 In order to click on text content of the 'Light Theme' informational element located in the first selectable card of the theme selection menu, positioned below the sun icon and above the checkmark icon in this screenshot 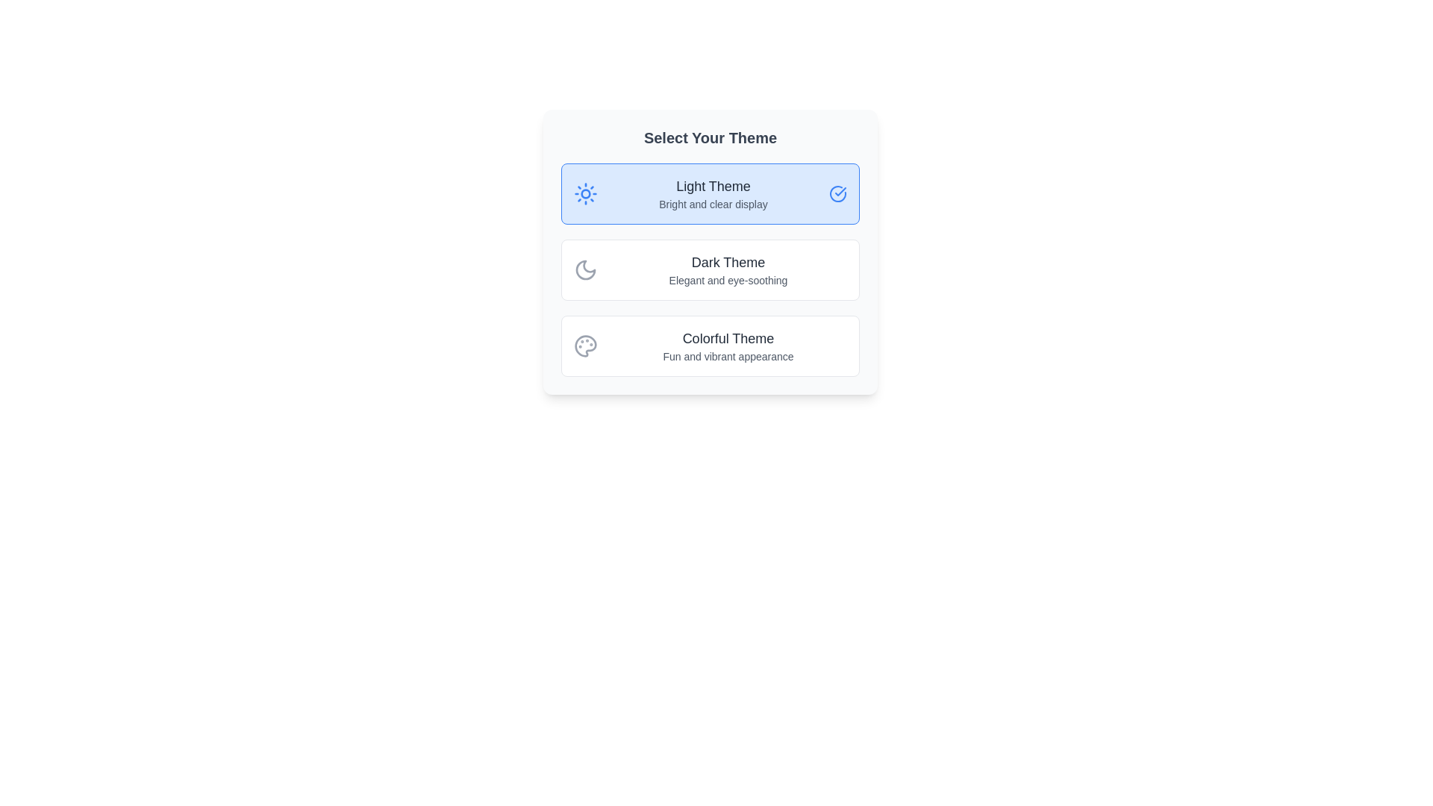, I will do `click(712, 193)`.